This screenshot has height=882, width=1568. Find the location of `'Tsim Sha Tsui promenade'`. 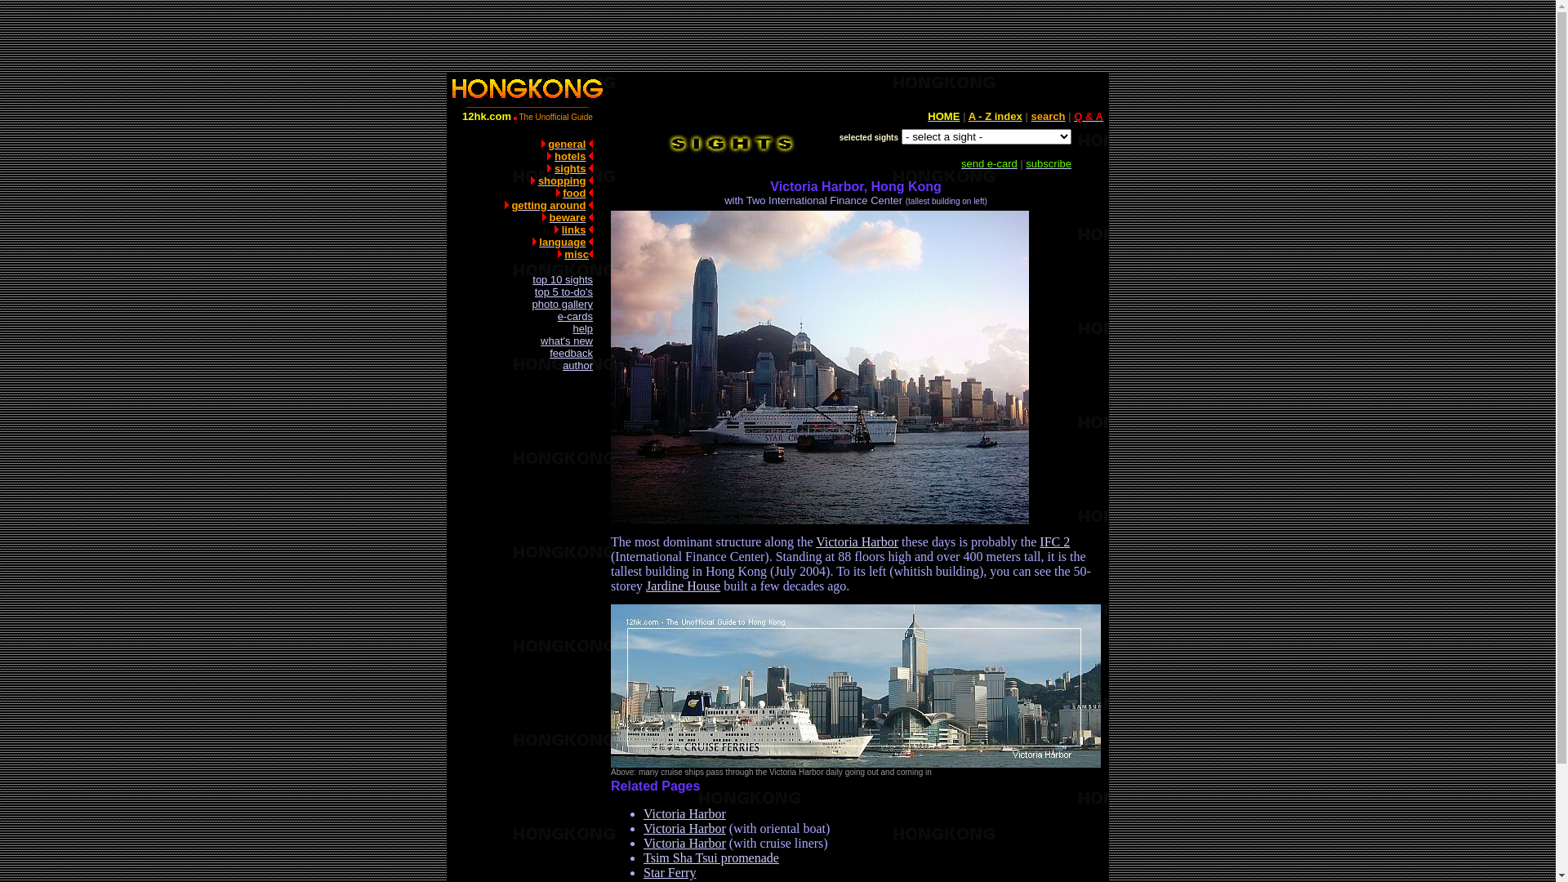

'Tsim Sha Tsui promenade' is located at coordinates (710, 857).